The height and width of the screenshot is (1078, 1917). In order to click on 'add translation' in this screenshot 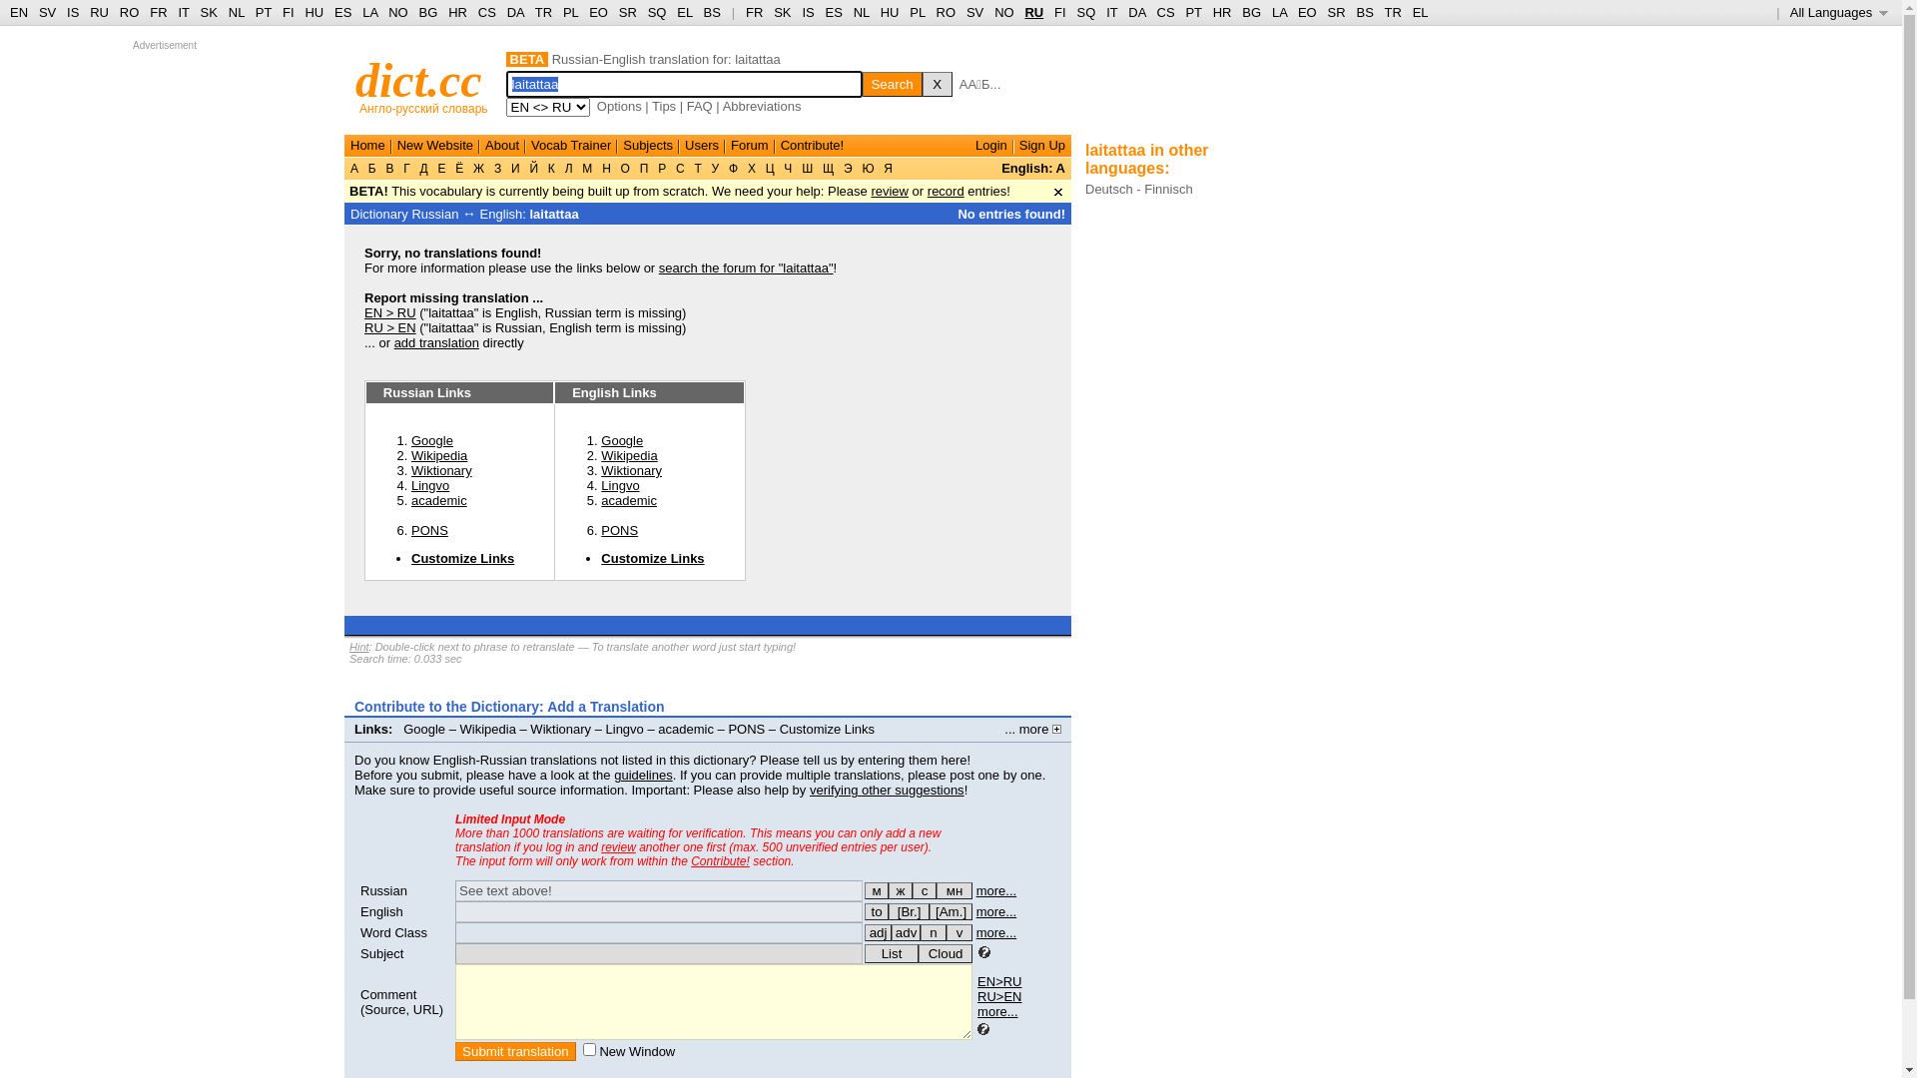, I will do `click(435, 341)`.